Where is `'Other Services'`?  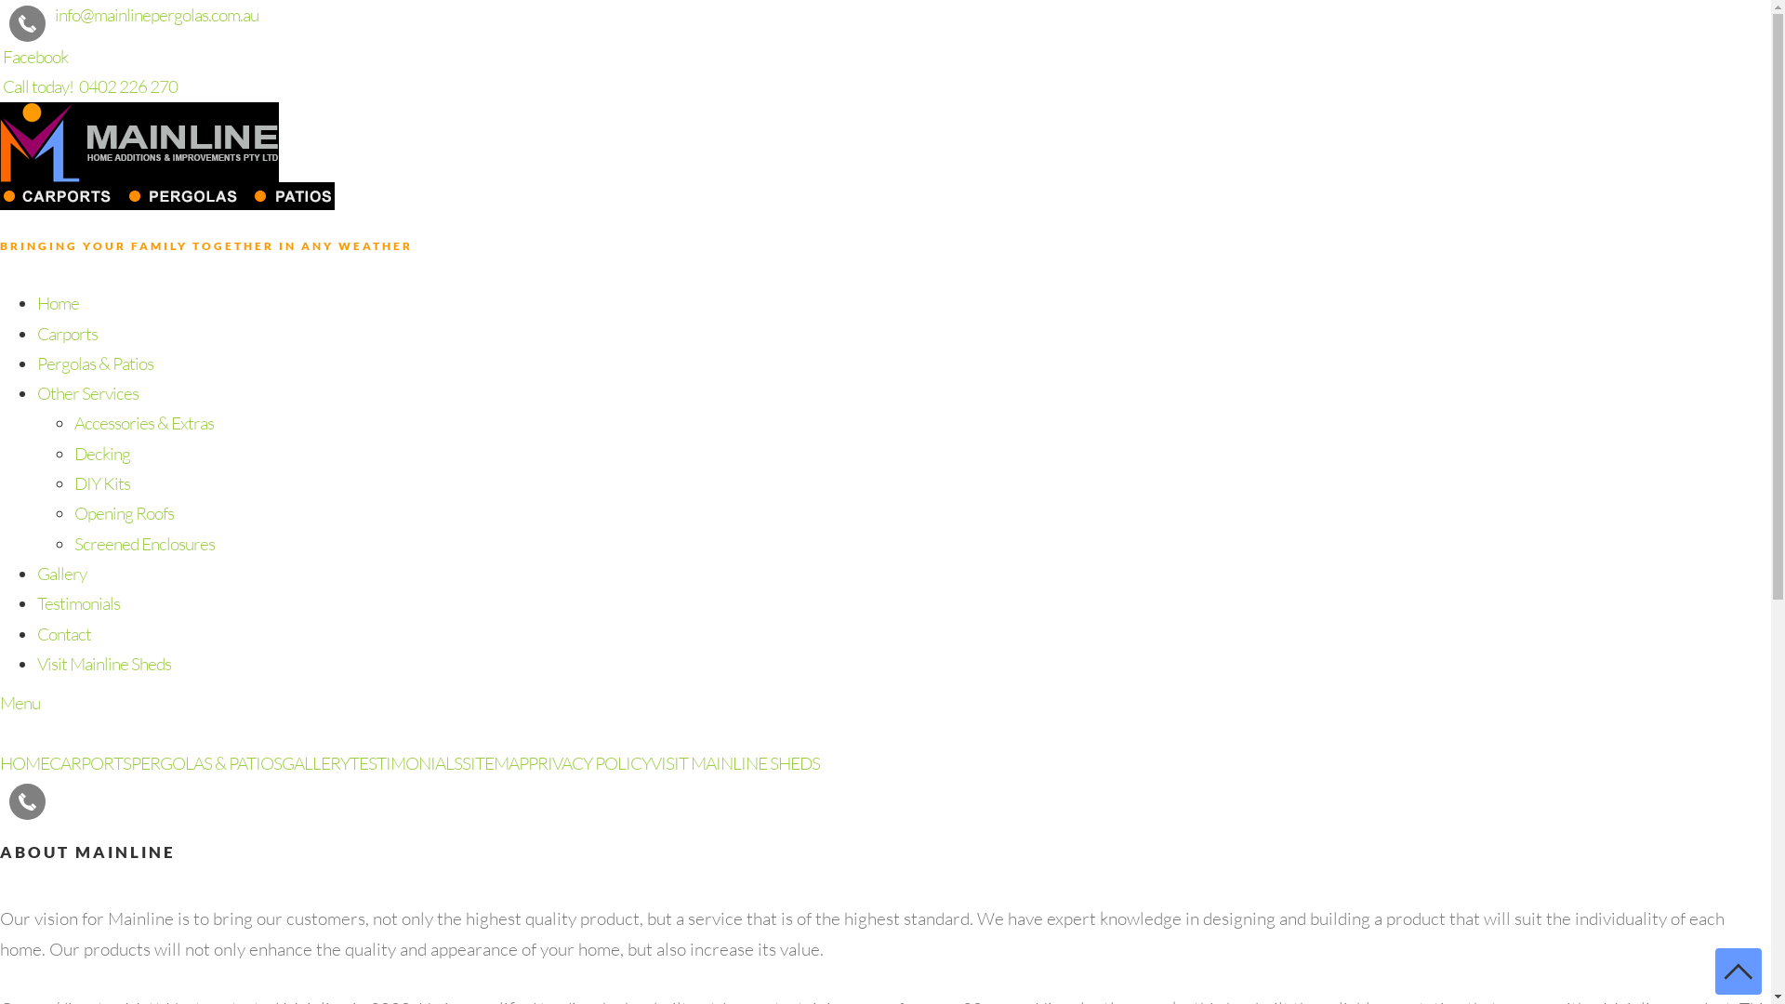
'Other Services' is located at coordinates (86, 392).